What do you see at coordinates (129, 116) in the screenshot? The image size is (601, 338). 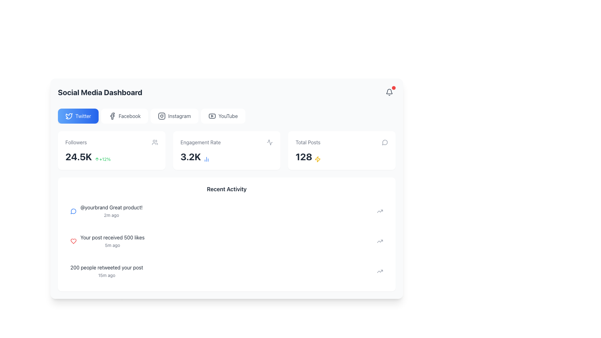 I see `the 'Facebook' text label within the button` at bounding box center [129, 116].